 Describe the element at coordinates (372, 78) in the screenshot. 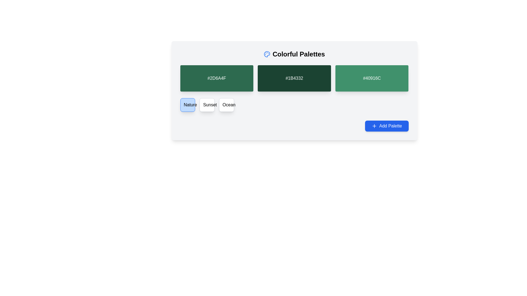

I see `the Color Swatch Display tile with a dark green background and the text '#40916C'` at that location.